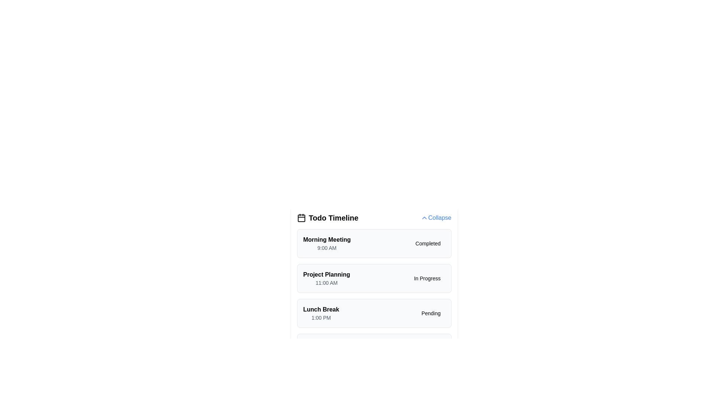  Describe the element at coordinates (374, 313) in the screenshot. I see `the 'Lunch Break' task item in the 'Todo Timeline' to interact with or select it` at that location.